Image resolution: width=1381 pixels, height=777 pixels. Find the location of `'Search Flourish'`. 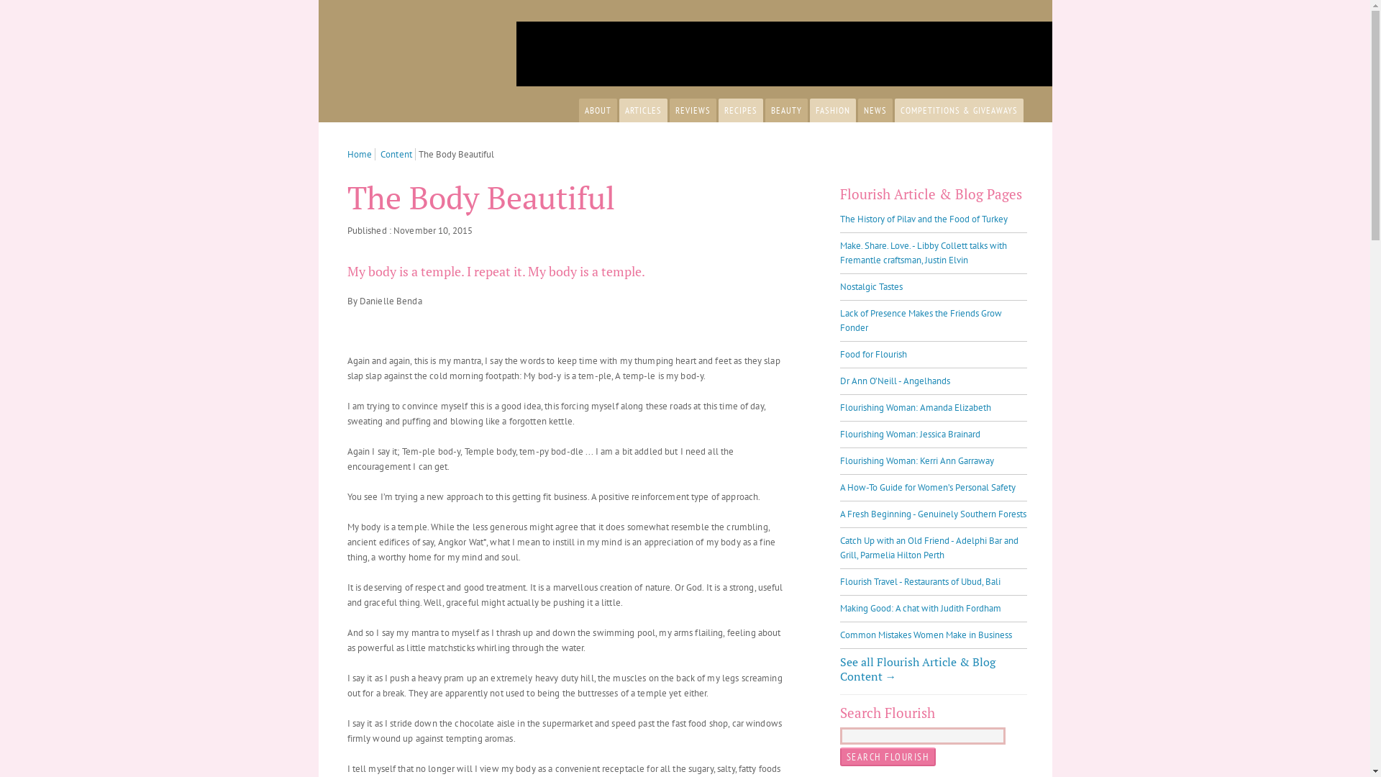

'Search Flourish' is located at coordinates (887, 756).